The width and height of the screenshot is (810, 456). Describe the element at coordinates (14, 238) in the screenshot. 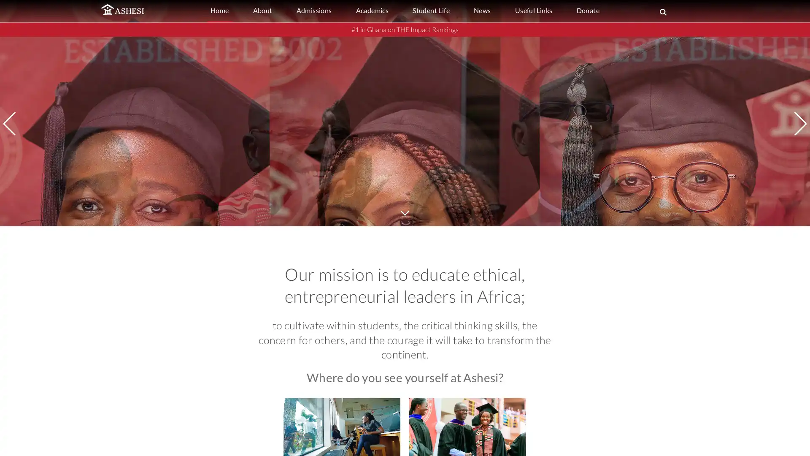

I see `Previous` at that location.